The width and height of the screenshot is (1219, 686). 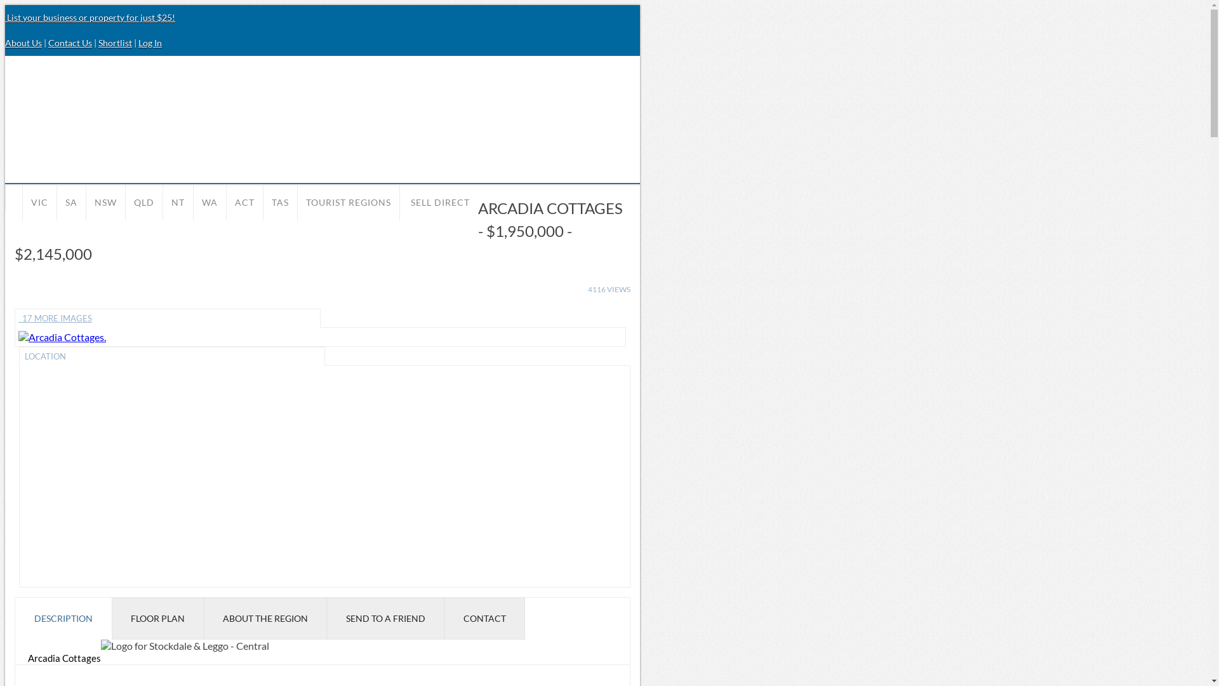 What do you see at coordinates (90, 17) in the screenshot?
I see `' List your business or property for just $25!'` at bounding box center [90, 17].